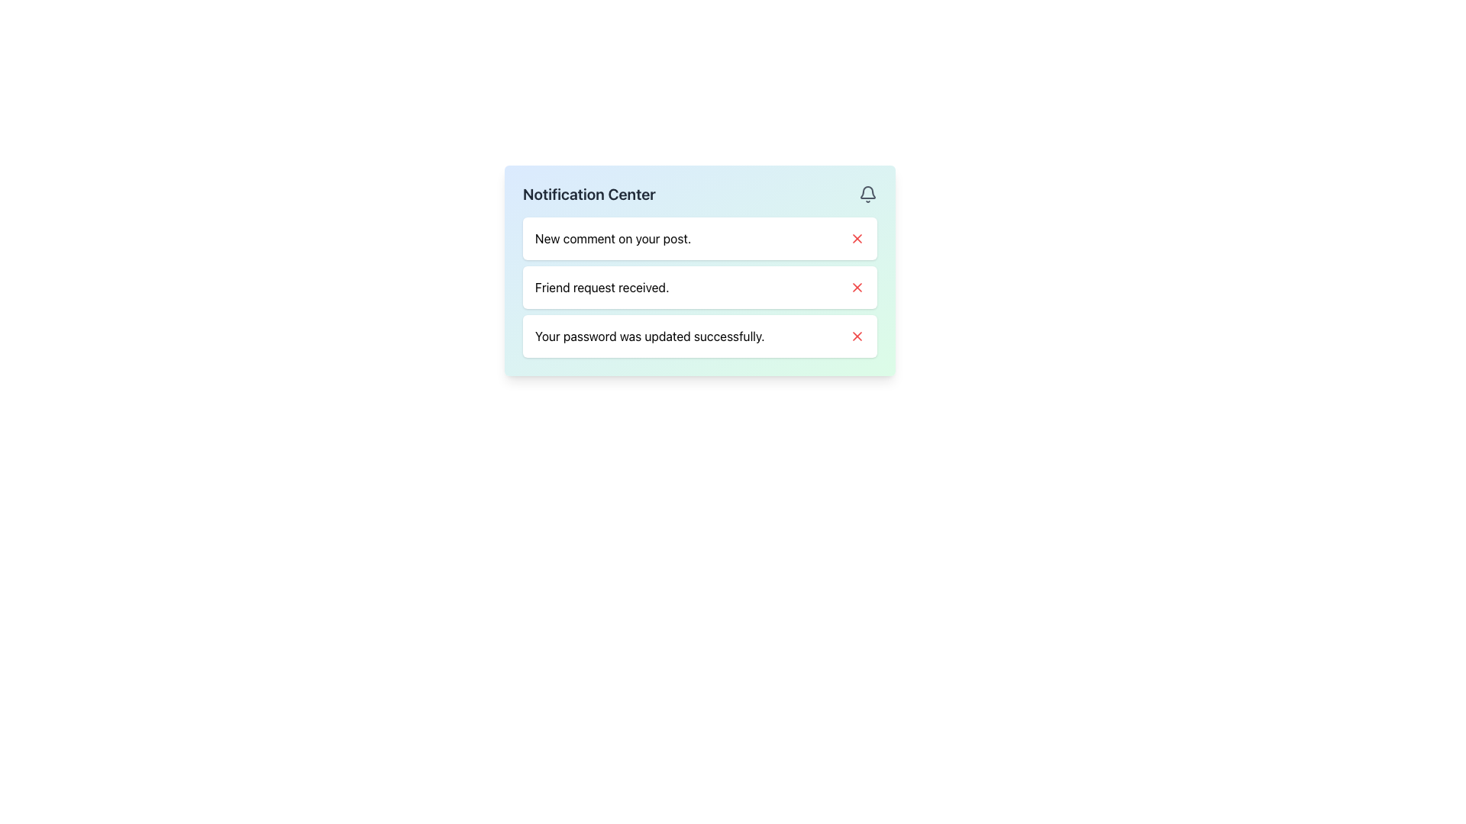 This screenshot has width=1466, height=824. Describe the element at coordinates (613, 238) in the screenshot. I see `the Text label that provides notification messages about new comments in the Notification Center modal, positioned at the top of the vertical list of notifications` at that location.